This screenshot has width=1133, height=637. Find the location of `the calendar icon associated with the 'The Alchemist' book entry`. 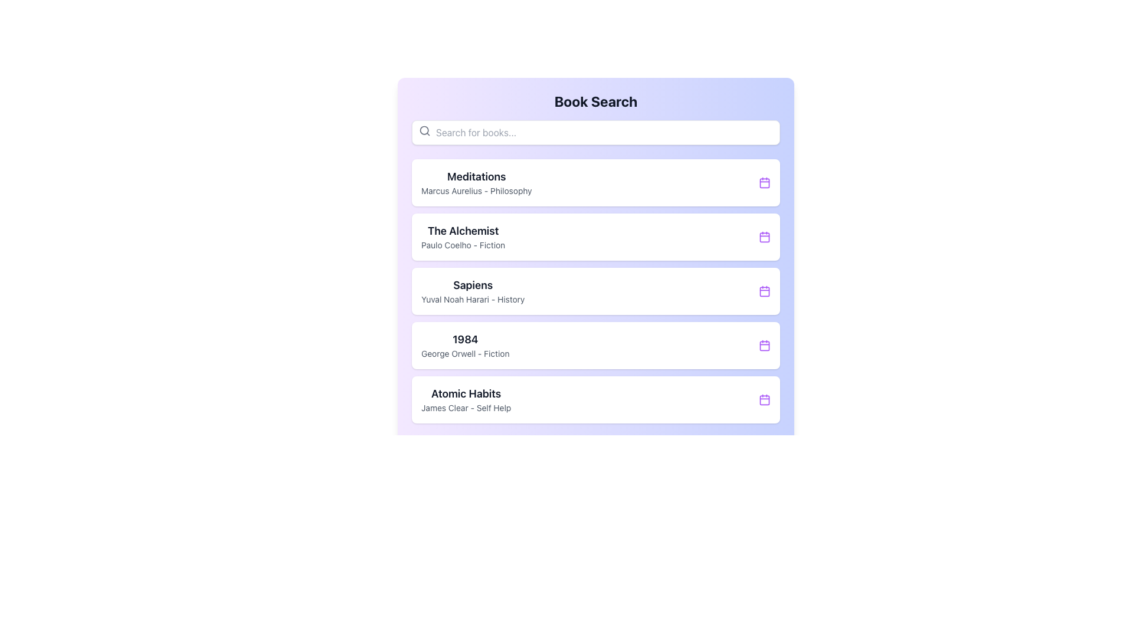

the calendar icon associated with the 'The Alchemist' book entry is located at coordinates (765, 237).